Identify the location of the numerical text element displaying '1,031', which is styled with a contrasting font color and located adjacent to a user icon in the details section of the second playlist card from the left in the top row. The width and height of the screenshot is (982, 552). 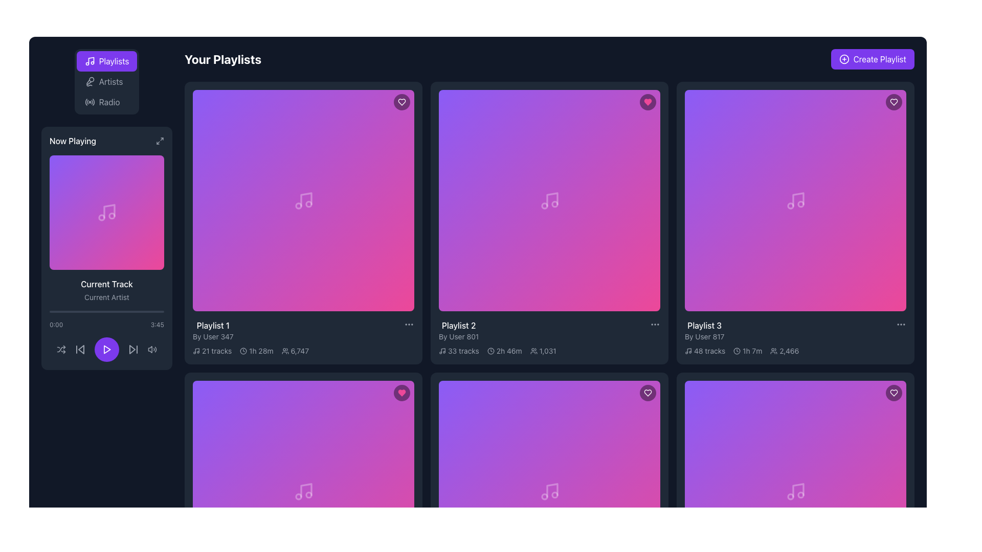
(547, 350).